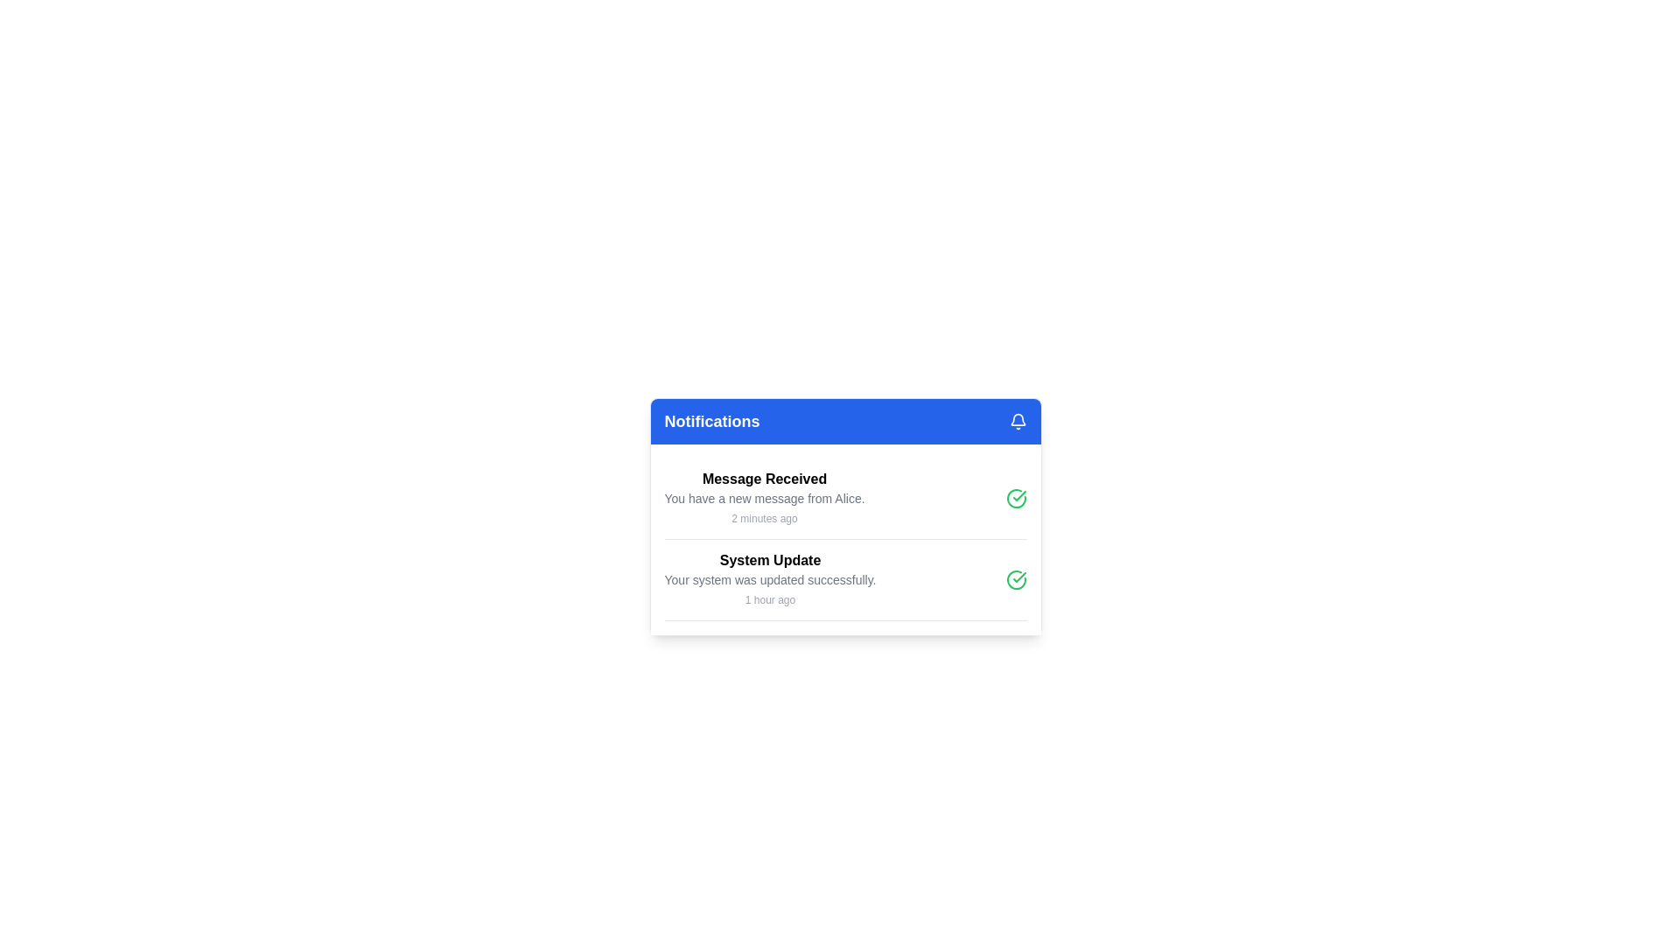  I want to click on the circular icon with a green border and a green check mark inside, which indicates completion or success, located at the right edge of the 'System Update' notification, so click(1016, 580).